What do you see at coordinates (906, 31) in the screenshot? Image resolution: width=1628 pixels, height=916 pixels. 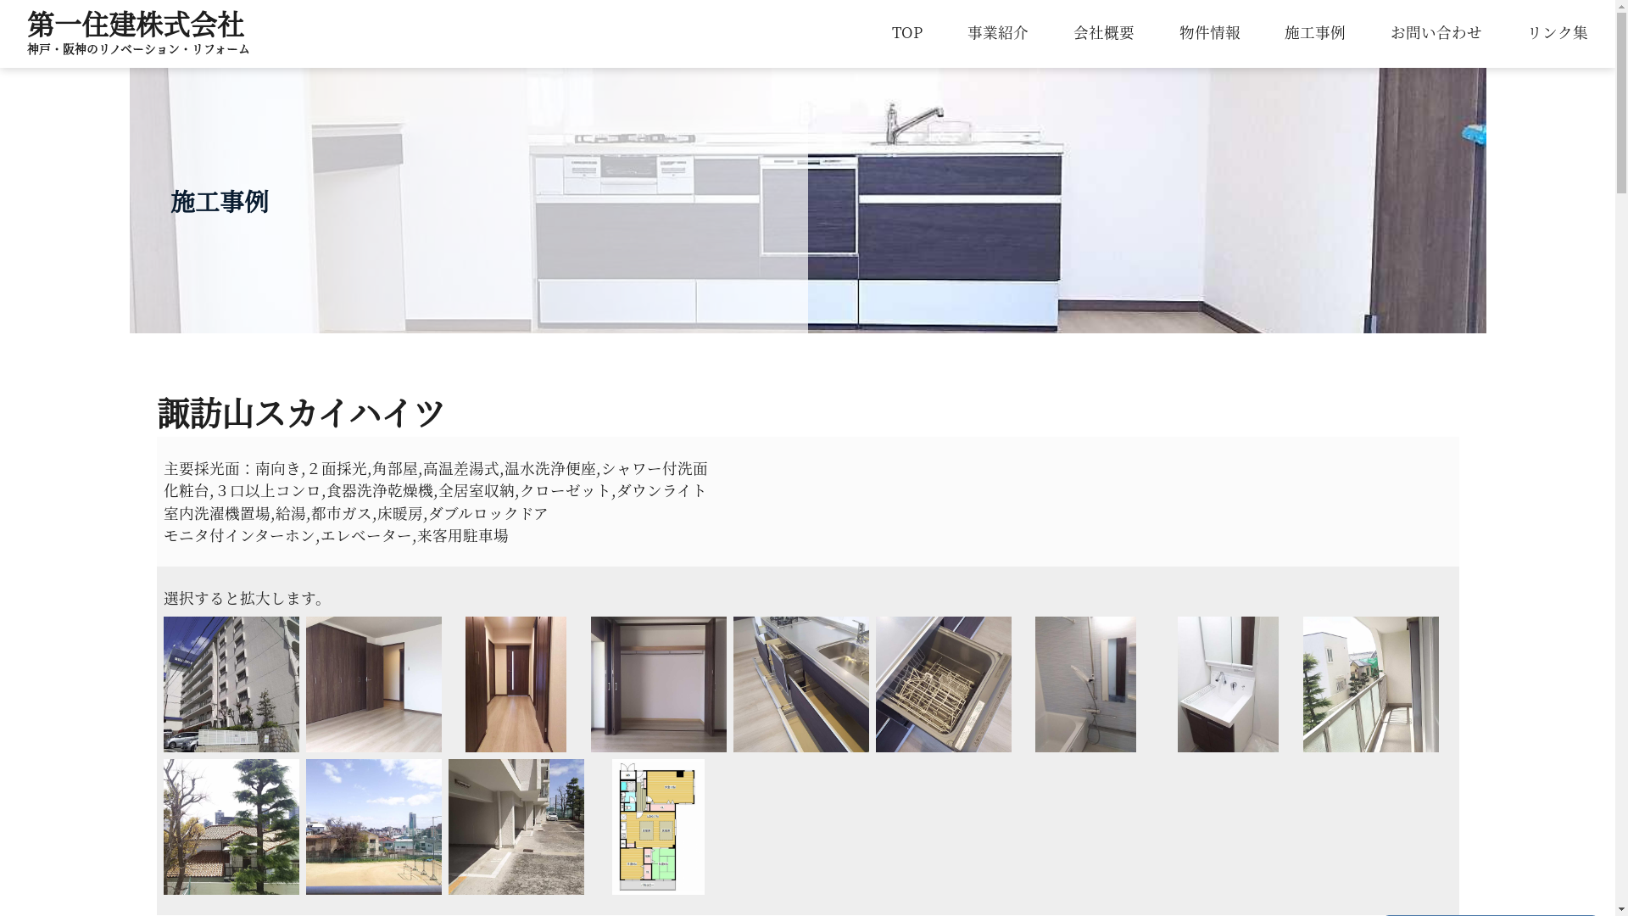 I see `'TOP'` at bounding box center [906, 31].